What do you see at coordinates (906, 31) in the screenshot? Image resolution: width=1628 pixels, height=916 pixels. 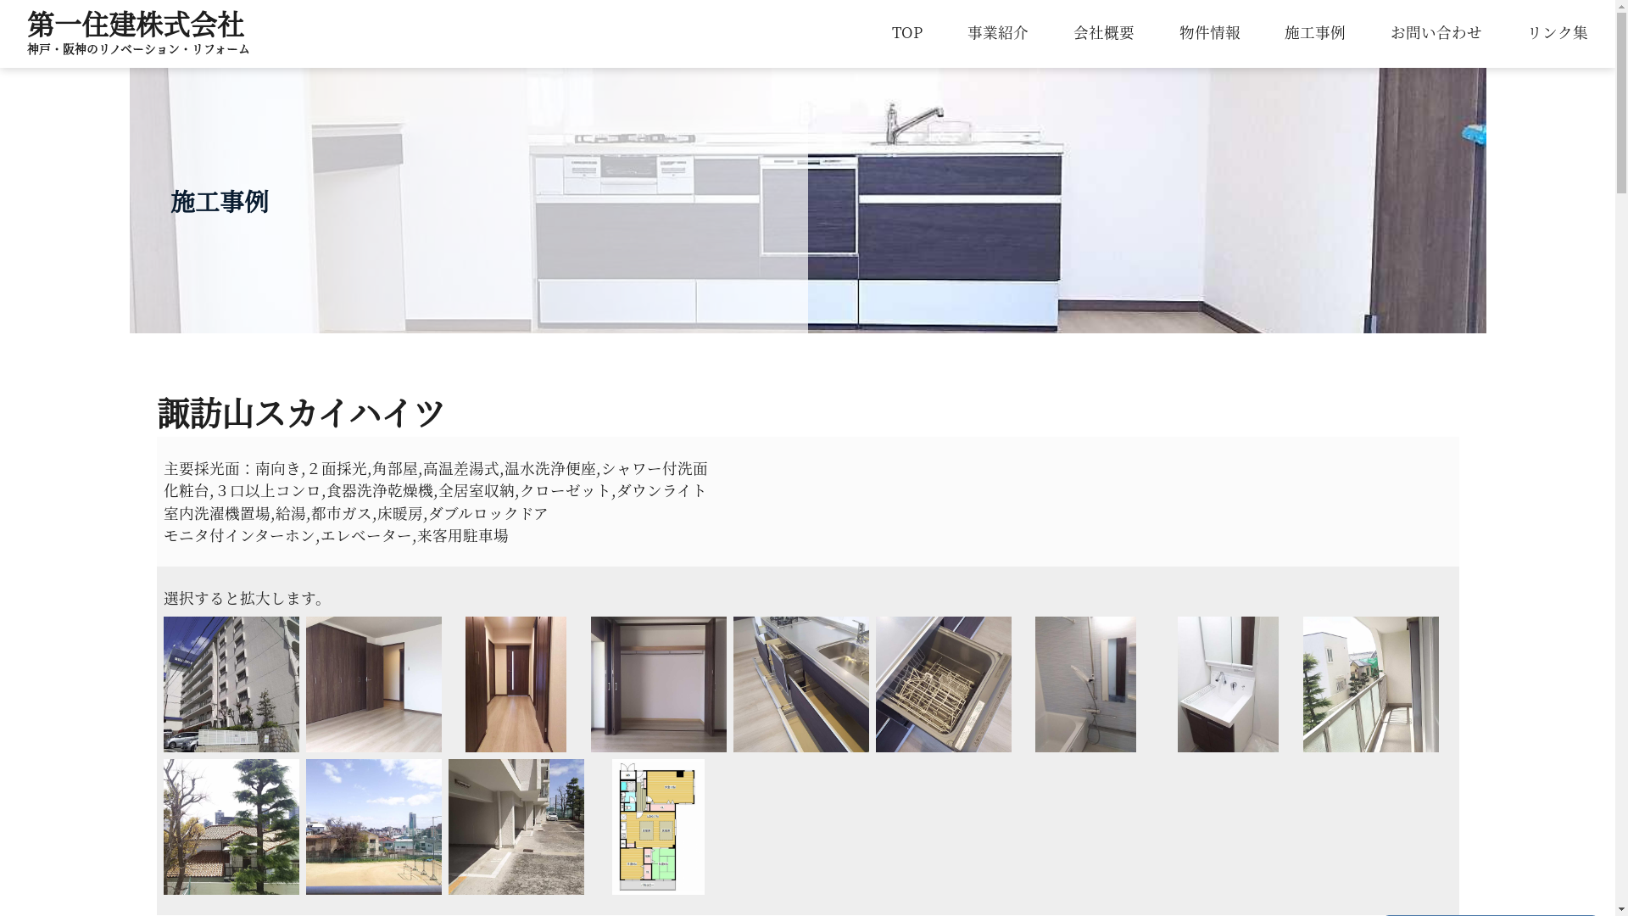 I see `'TOP'` at bounding box center [906, 31].